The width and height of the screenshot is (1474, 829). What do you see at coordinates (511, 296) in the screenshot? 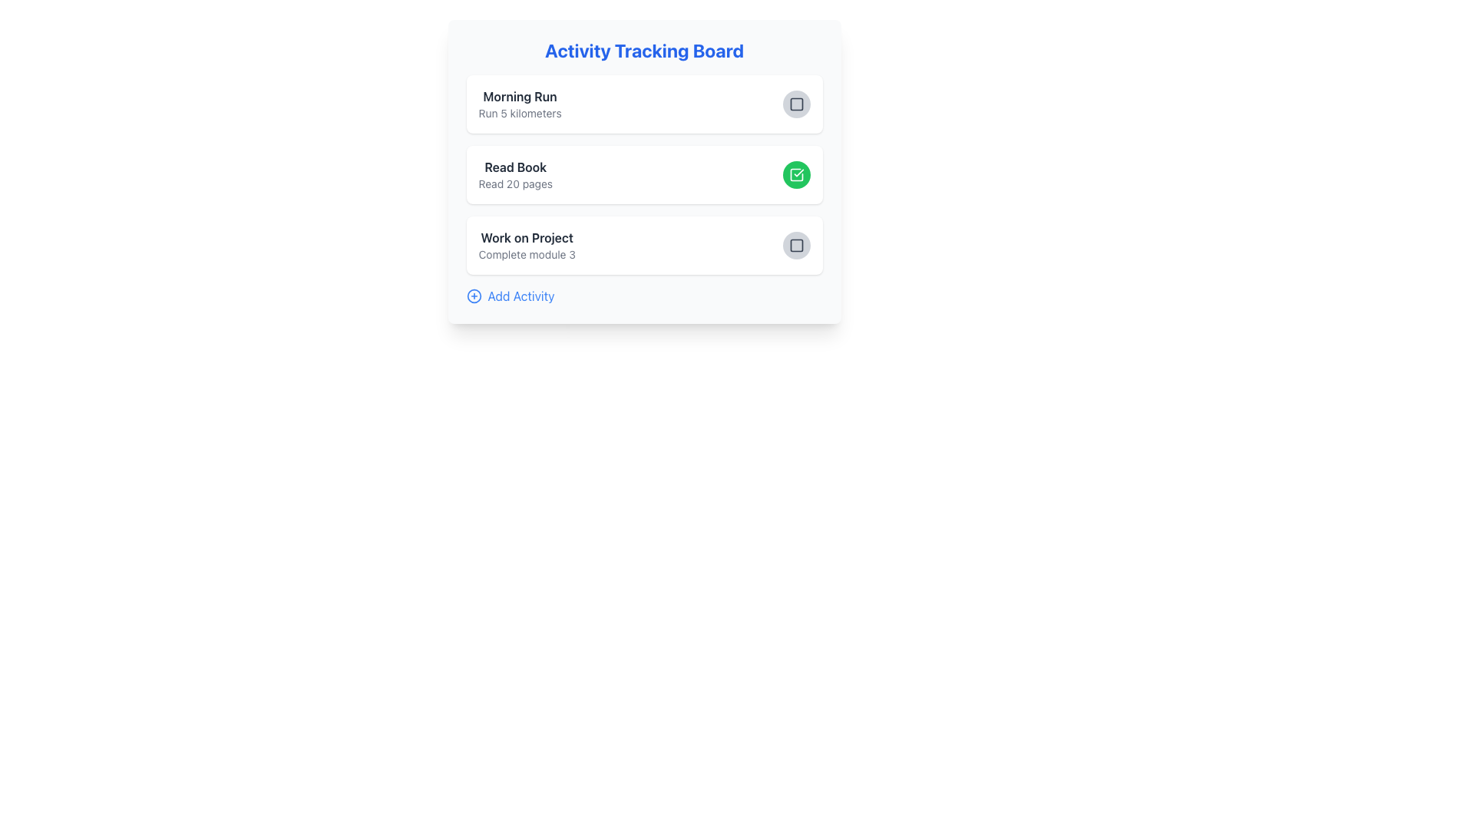
I see `the 'Add Activity' button located at the bottom of the 'Activity Tracking Board' section to initiate adding a new activity` at bounding box center [511, 296].